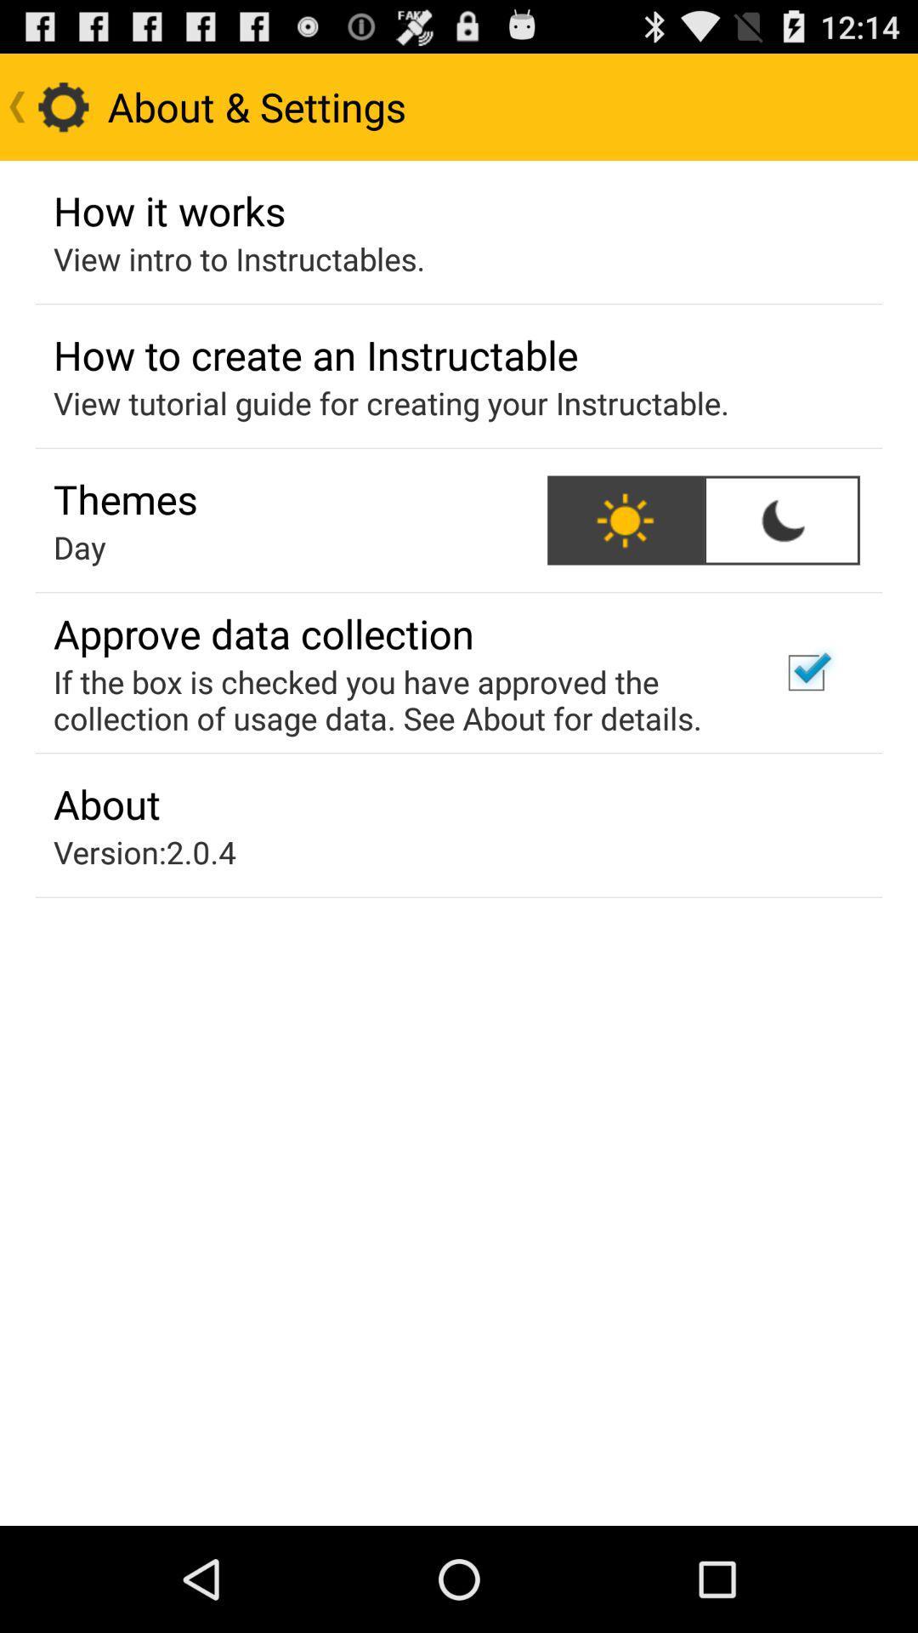  I want to click on the themes, so click(124, 498).